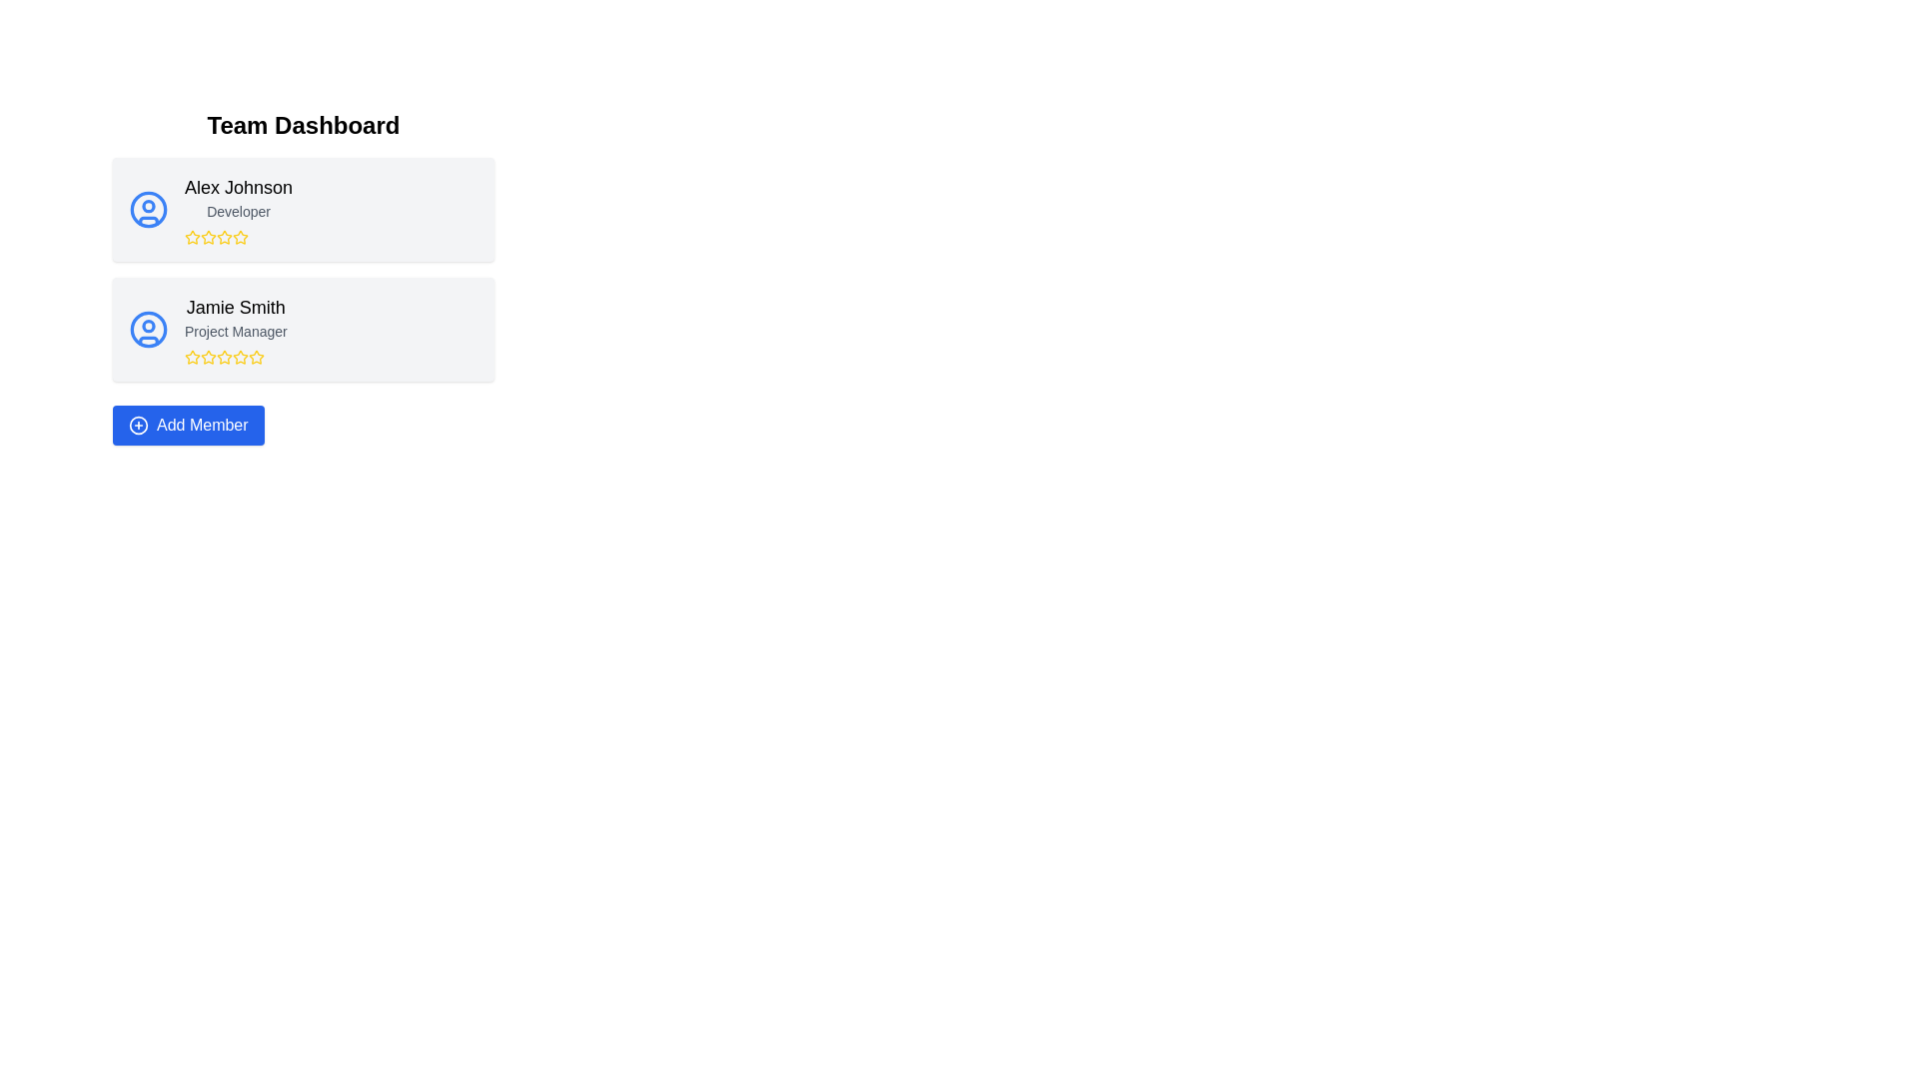 The image size is (1918, 1079). I want to click on the third unfilled yellow star icon in the 5-star rating system for Jamie Smith, located below their name in the second card, so click(225, 356).